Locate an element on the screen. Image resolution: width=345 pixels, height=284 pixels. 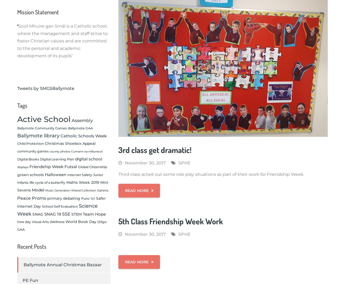
'Ballymote GAA' is located at coordinates (80, 128).